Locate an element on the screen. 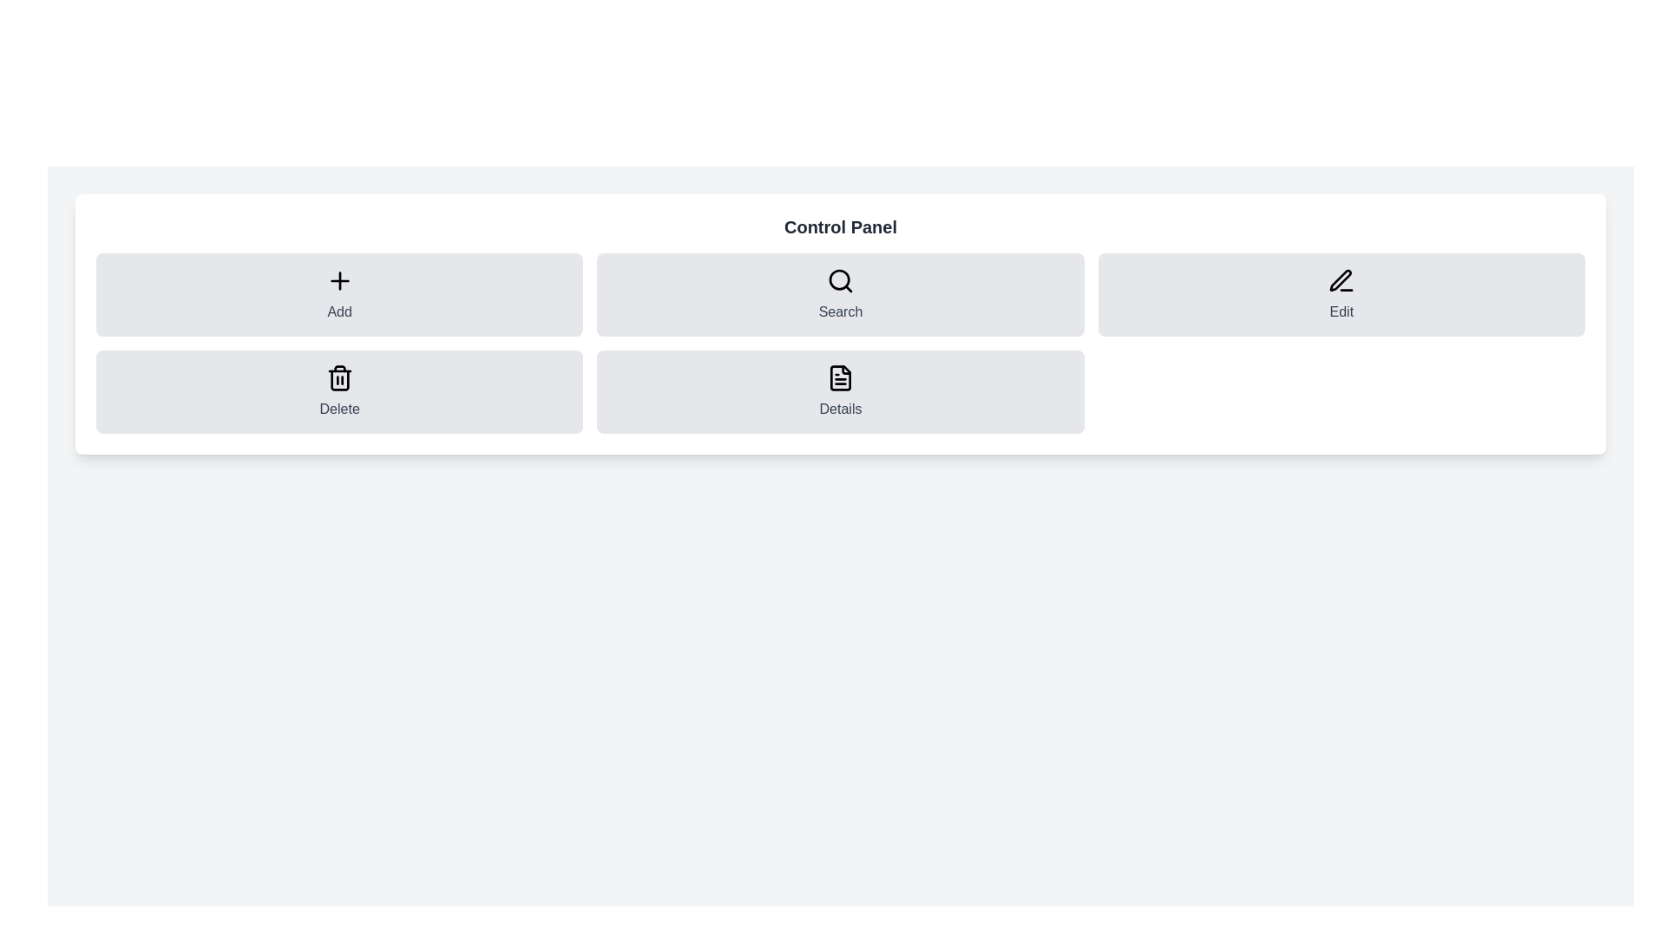 Image resolution: width=1666 pixels, height=937 pixels. the text label displaying 'Edit' that is styled in gray (#gray-700) and located beneath a pen icon in the top-right section of the Control Panel interface is located at coordinates (1341, 311).